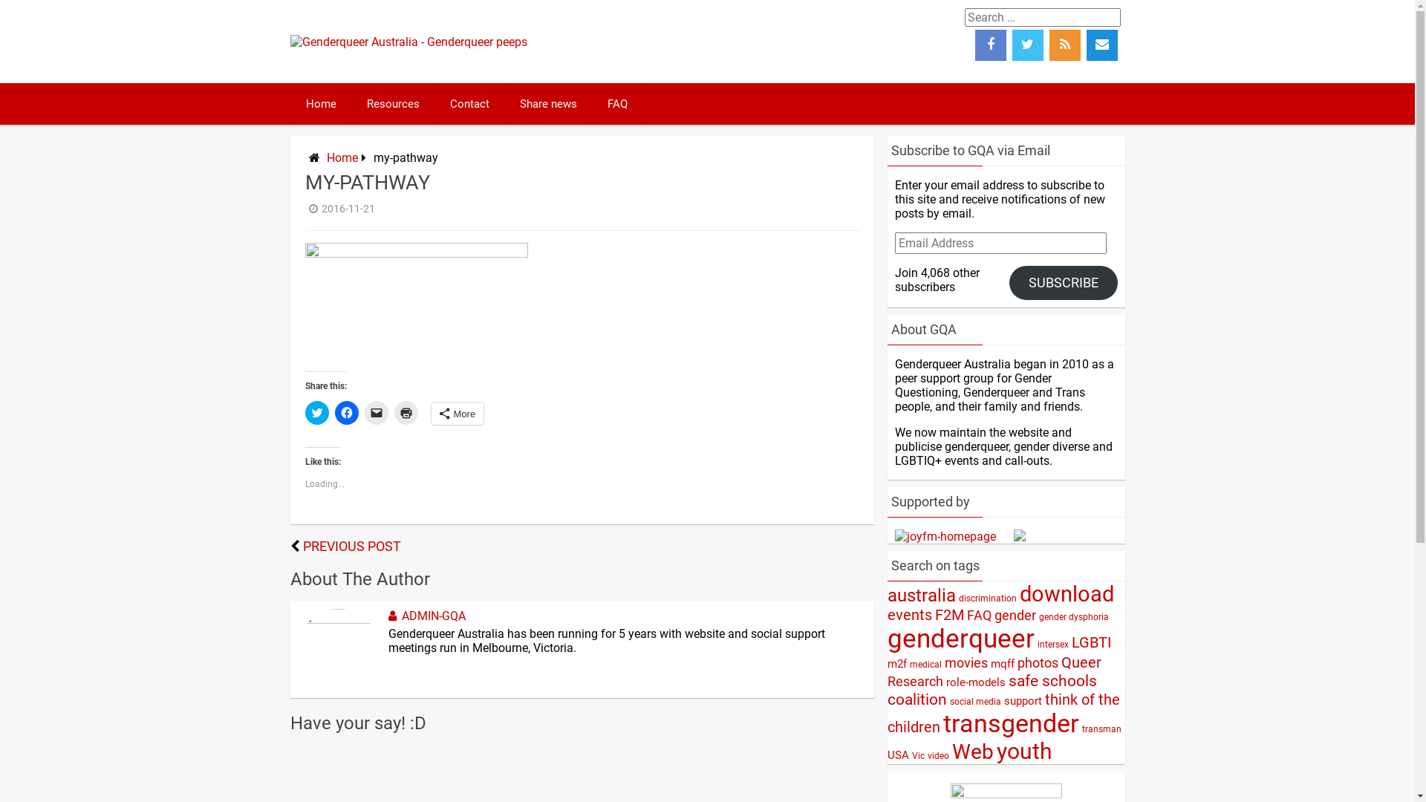 This screenshot has width=1426, height=802. What do you see at coordinates (1060, 662) in the screenshot?
I see `'Queer'` at bounding box center [1060, 662].